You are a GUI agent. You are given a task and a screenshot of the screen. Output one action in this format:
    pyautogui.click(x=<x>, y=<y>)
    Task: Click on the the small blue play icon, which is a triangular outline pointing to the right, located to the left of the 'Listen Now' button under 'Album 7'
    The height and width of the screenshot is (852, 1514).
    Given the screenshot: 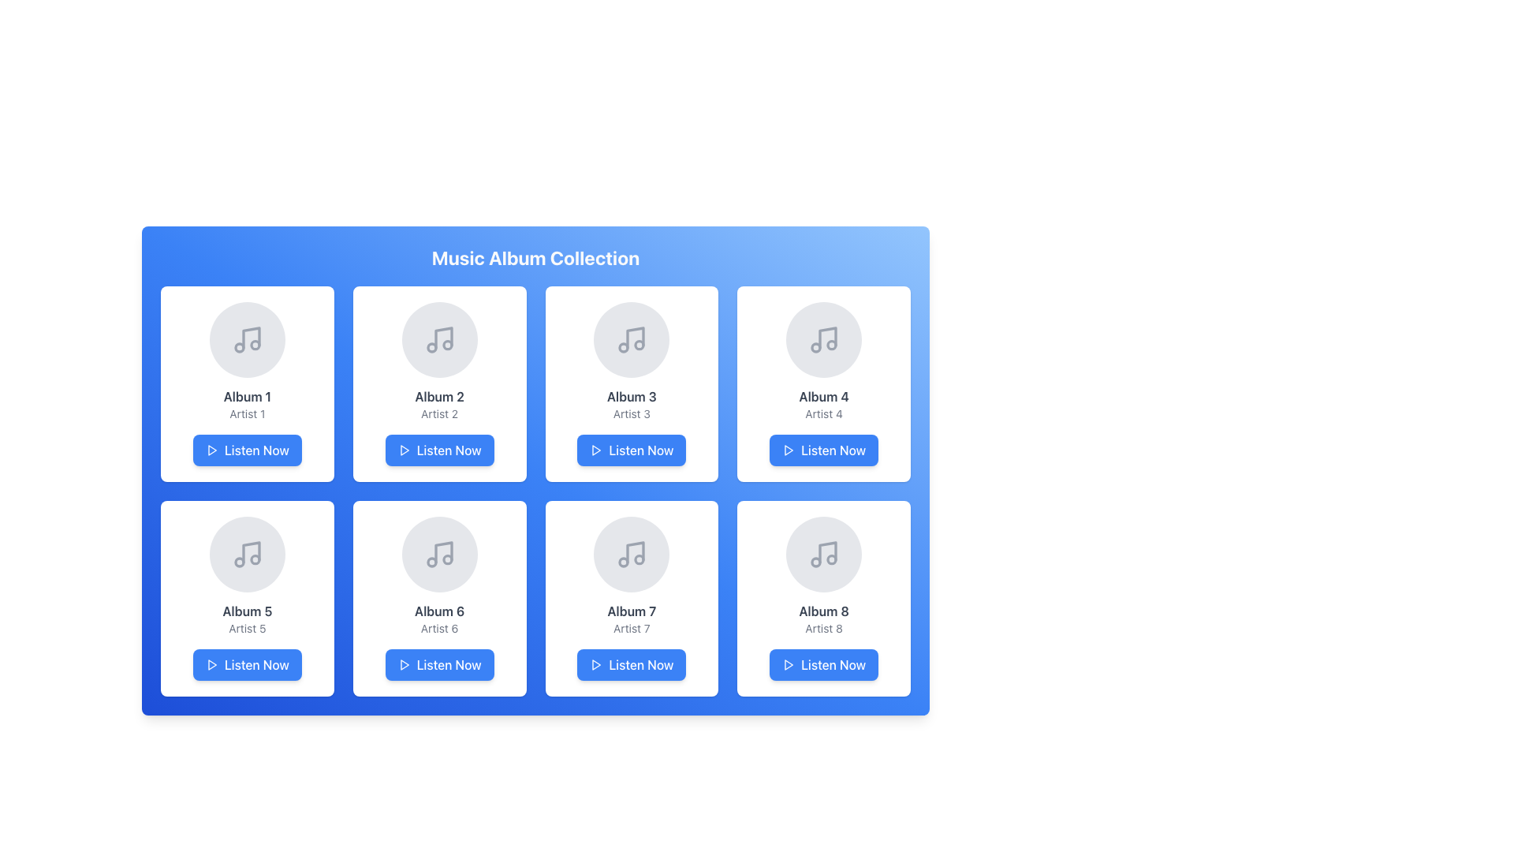 What is the action you would take?
    pyautogui.click(x=595, y=665)
    